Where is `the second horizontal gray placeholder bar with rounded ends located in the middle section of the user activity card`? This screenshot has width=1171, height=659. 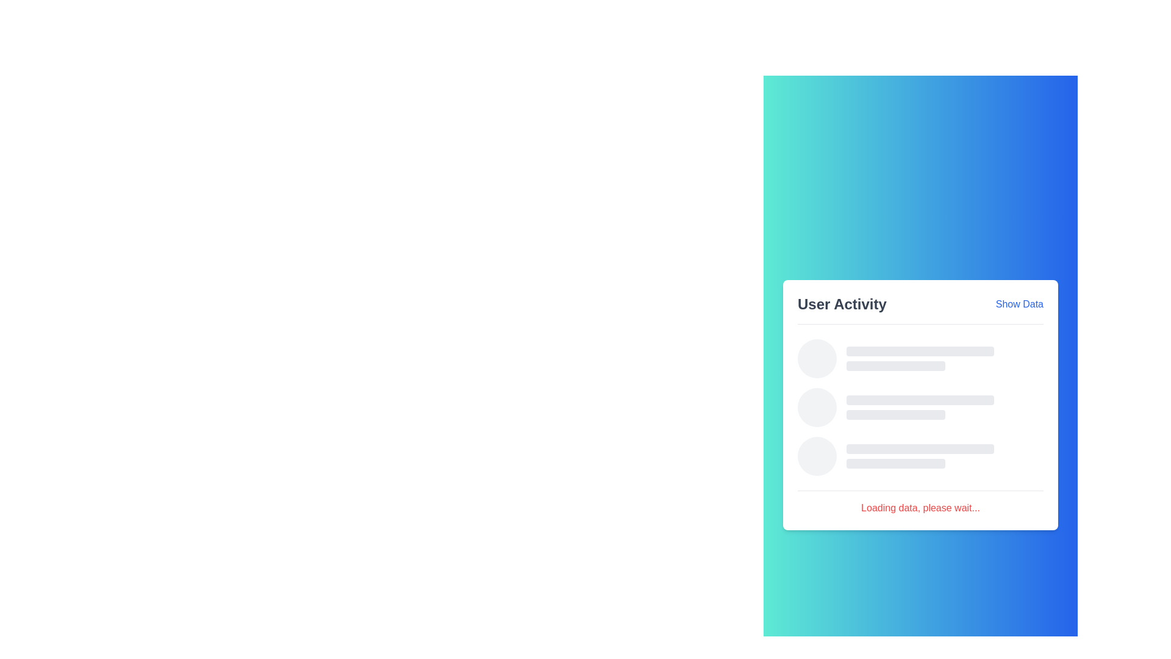
the second horizontal gray placeholder bar with rounded ends located in the middle section of the user activity card is located at coordinates (895, 366).